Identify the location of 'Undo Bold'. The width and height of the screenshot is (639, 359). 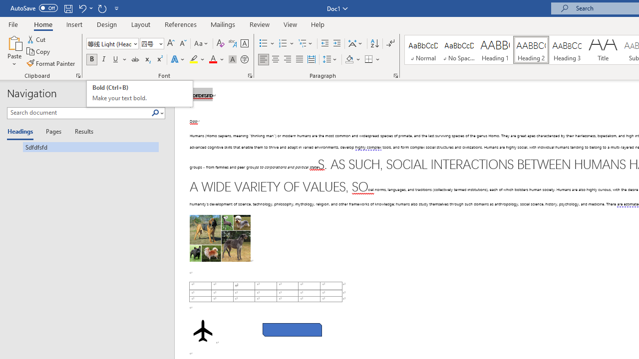
(85, 8).